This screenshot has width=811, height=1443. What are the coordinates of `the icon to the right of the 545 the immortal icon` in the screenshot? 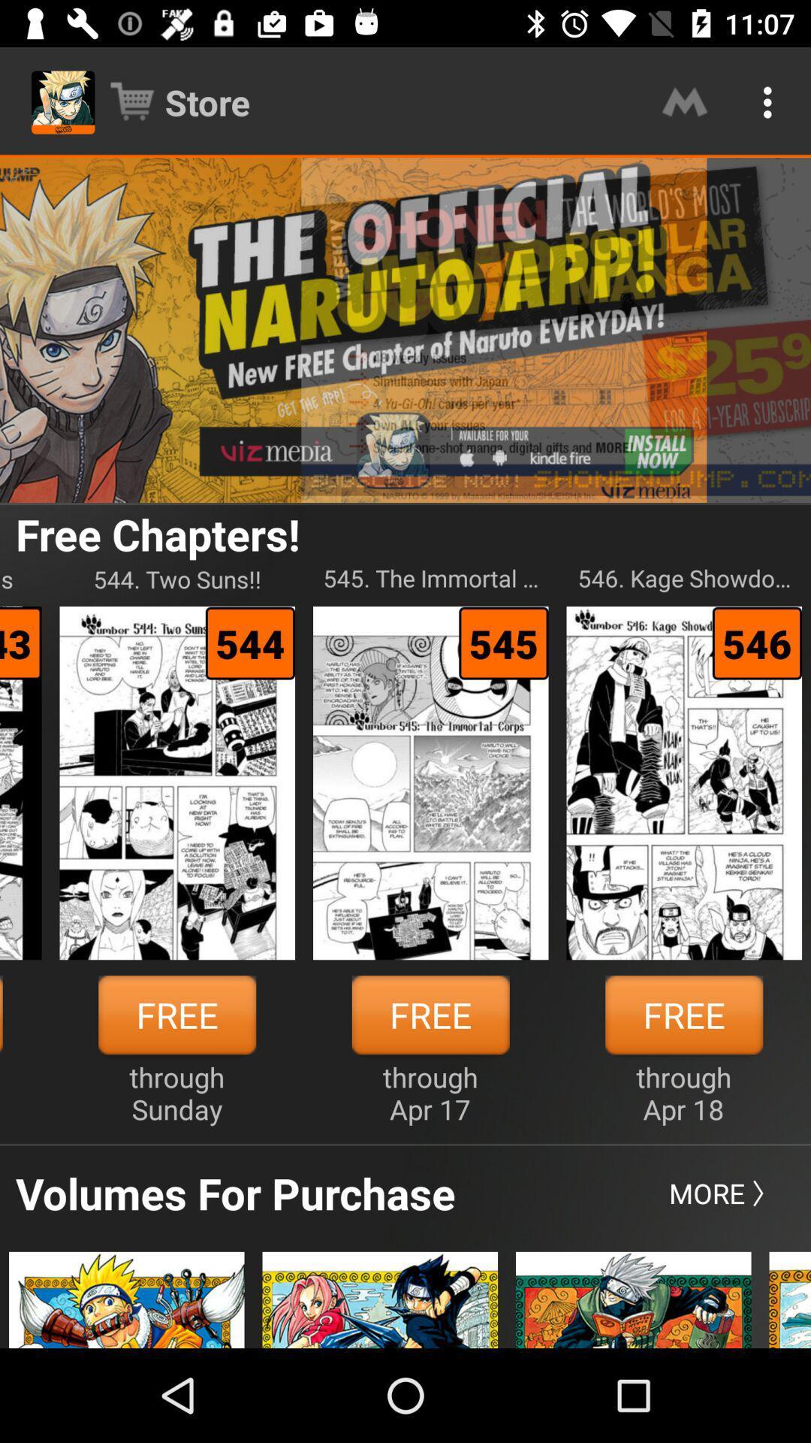 It's located at (684, 578).